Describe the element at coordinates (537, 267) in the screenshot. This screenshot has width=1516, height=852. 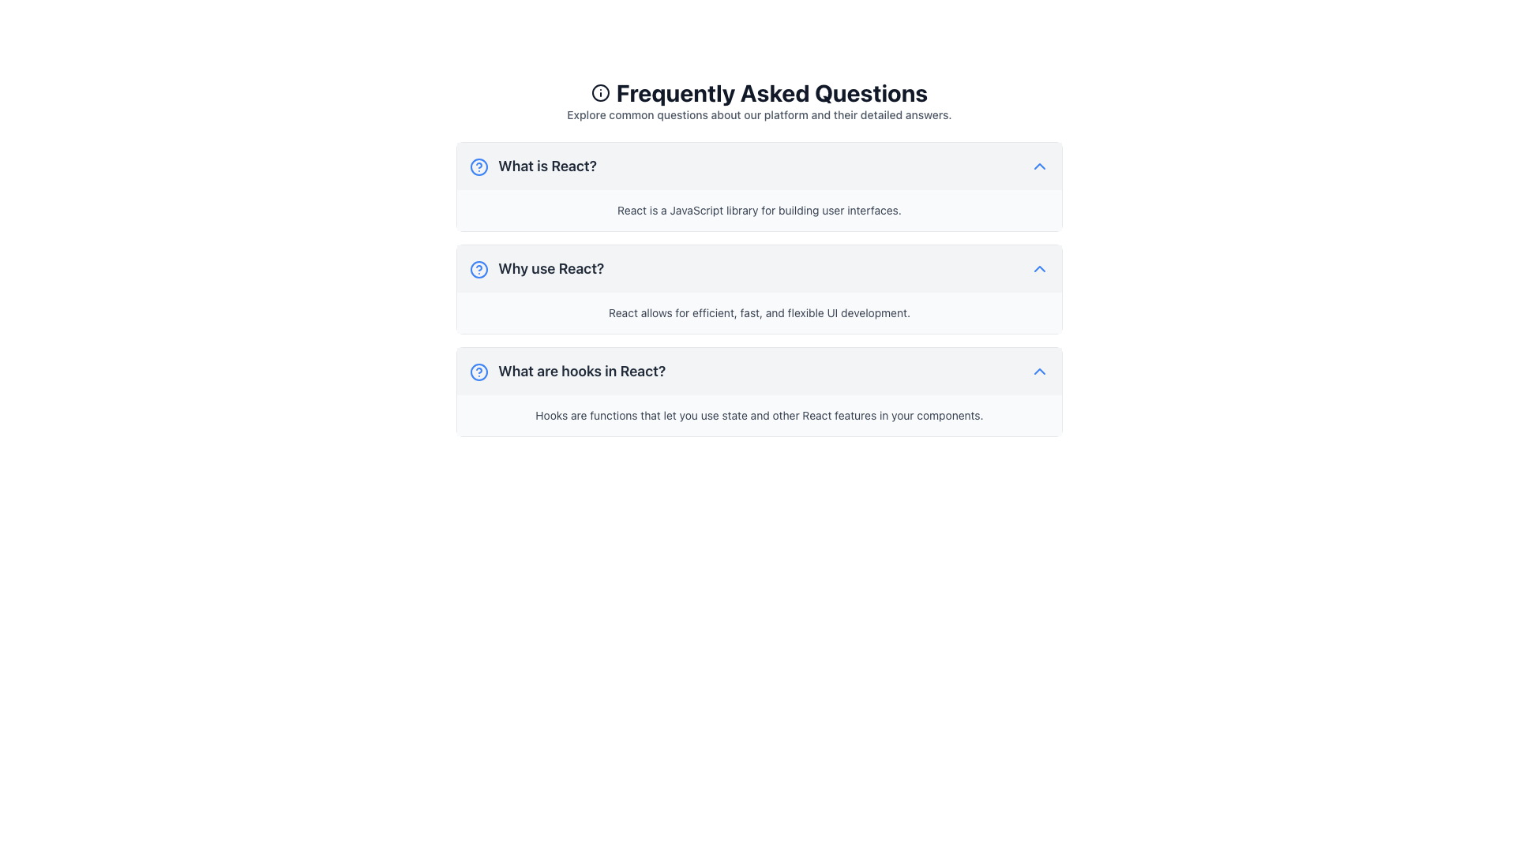
I see `the second question label in the FAQ list` at that location.